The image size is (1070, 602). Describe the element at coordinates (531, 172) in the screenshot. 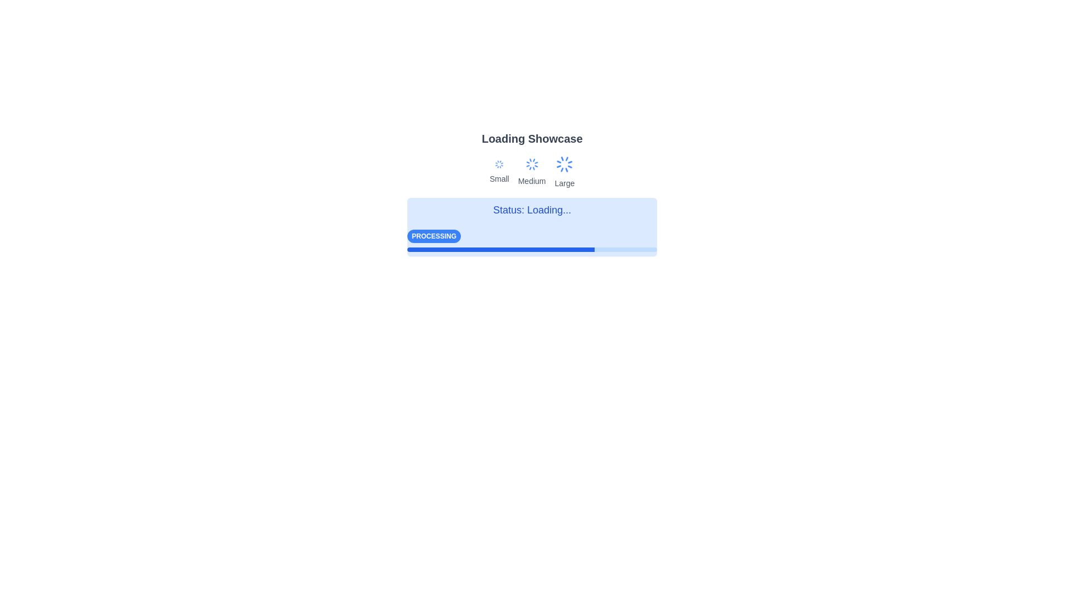

I see `the medium-sized loading indicator, which is the second item in a horizontal layout containing 'Small', 'Medium', and 'Large'` at that location.